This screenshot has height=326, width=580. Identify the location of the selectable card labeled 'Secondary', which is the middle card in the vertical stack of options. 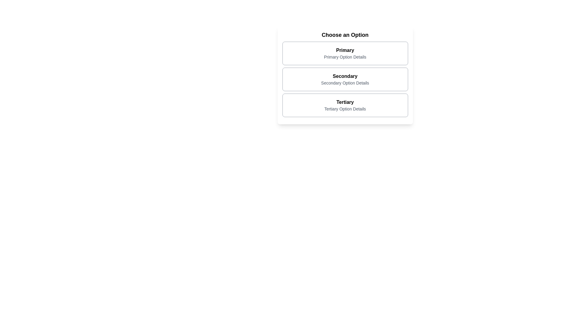
(345, 79).